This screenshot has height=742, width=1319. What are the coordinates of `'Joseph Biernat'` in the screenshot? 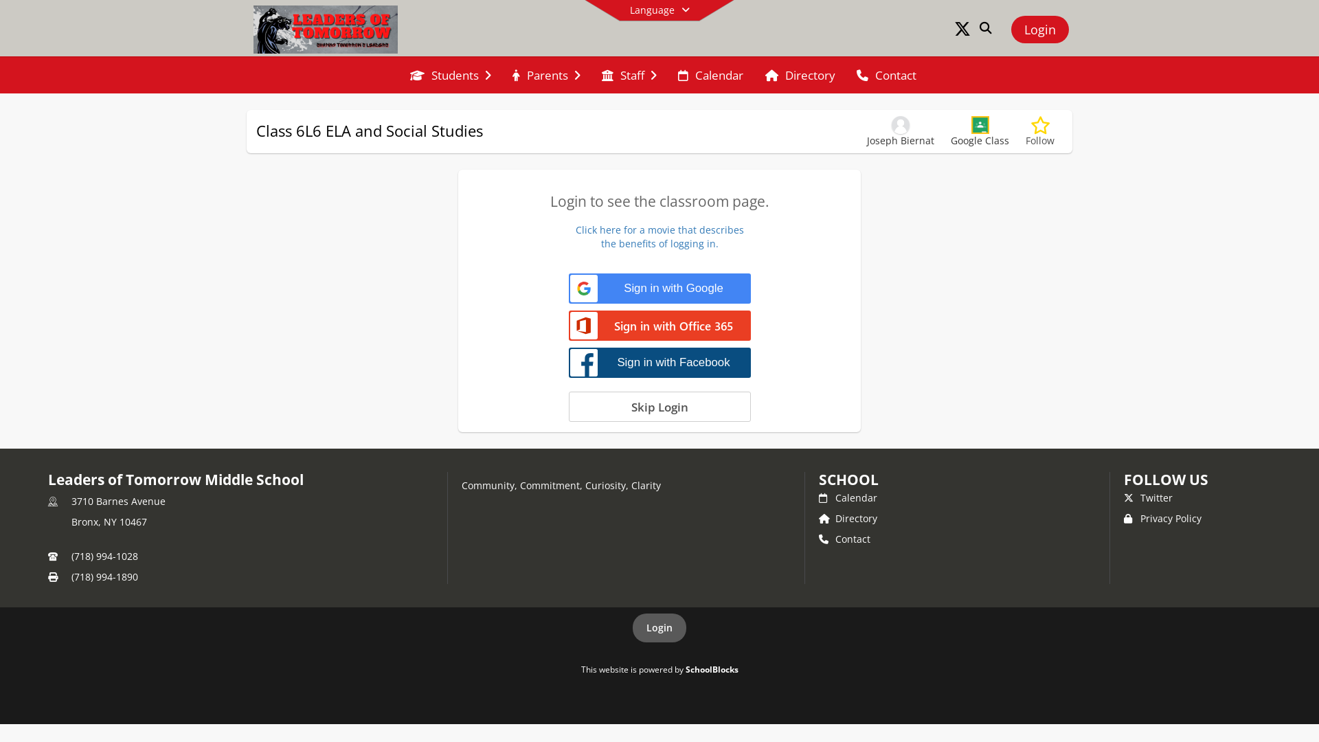 It's located at (900, 131).